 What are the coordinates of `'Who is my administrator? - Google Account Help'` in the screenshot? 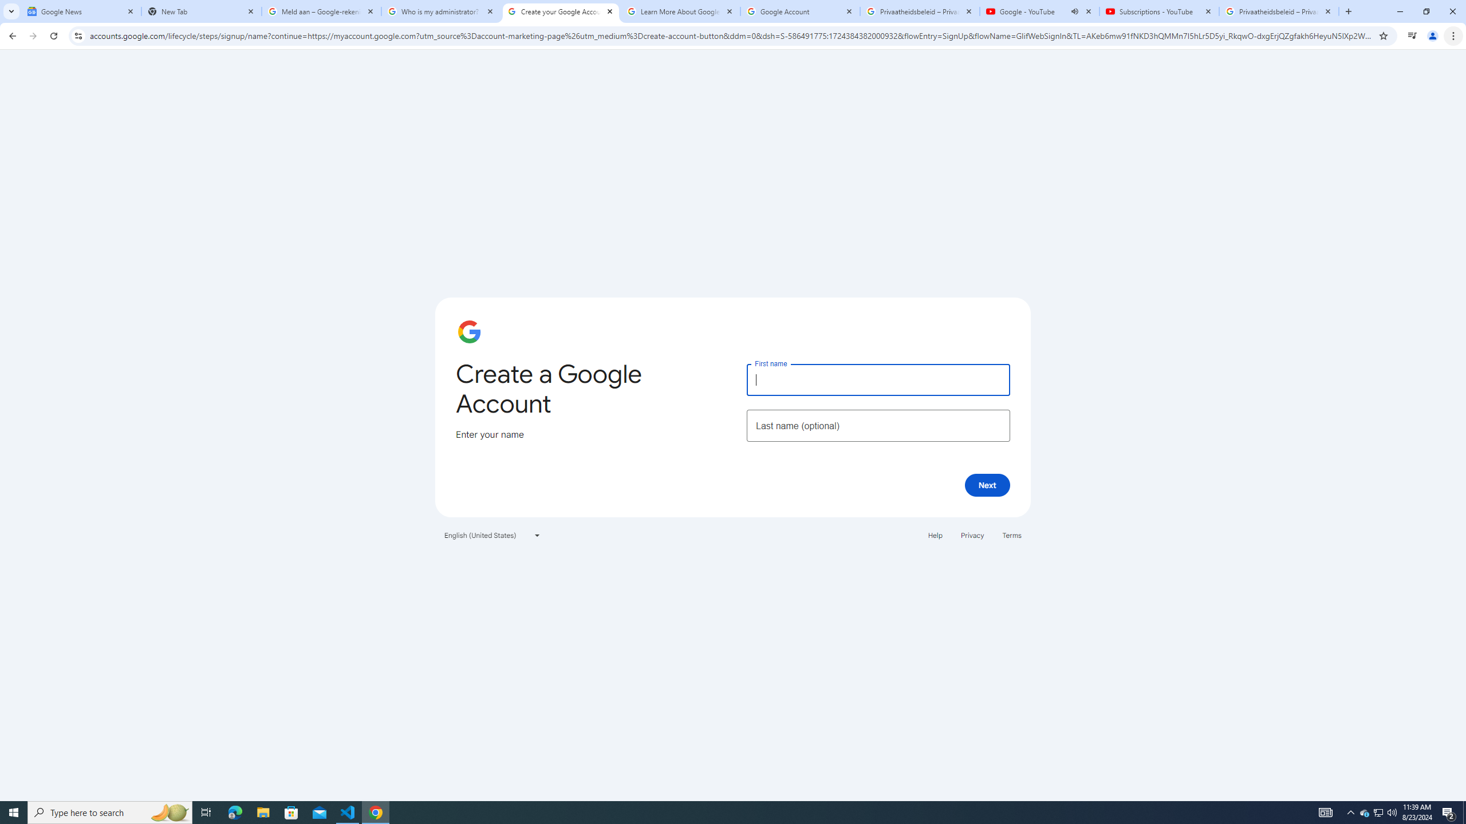 It's located at (441, 11).